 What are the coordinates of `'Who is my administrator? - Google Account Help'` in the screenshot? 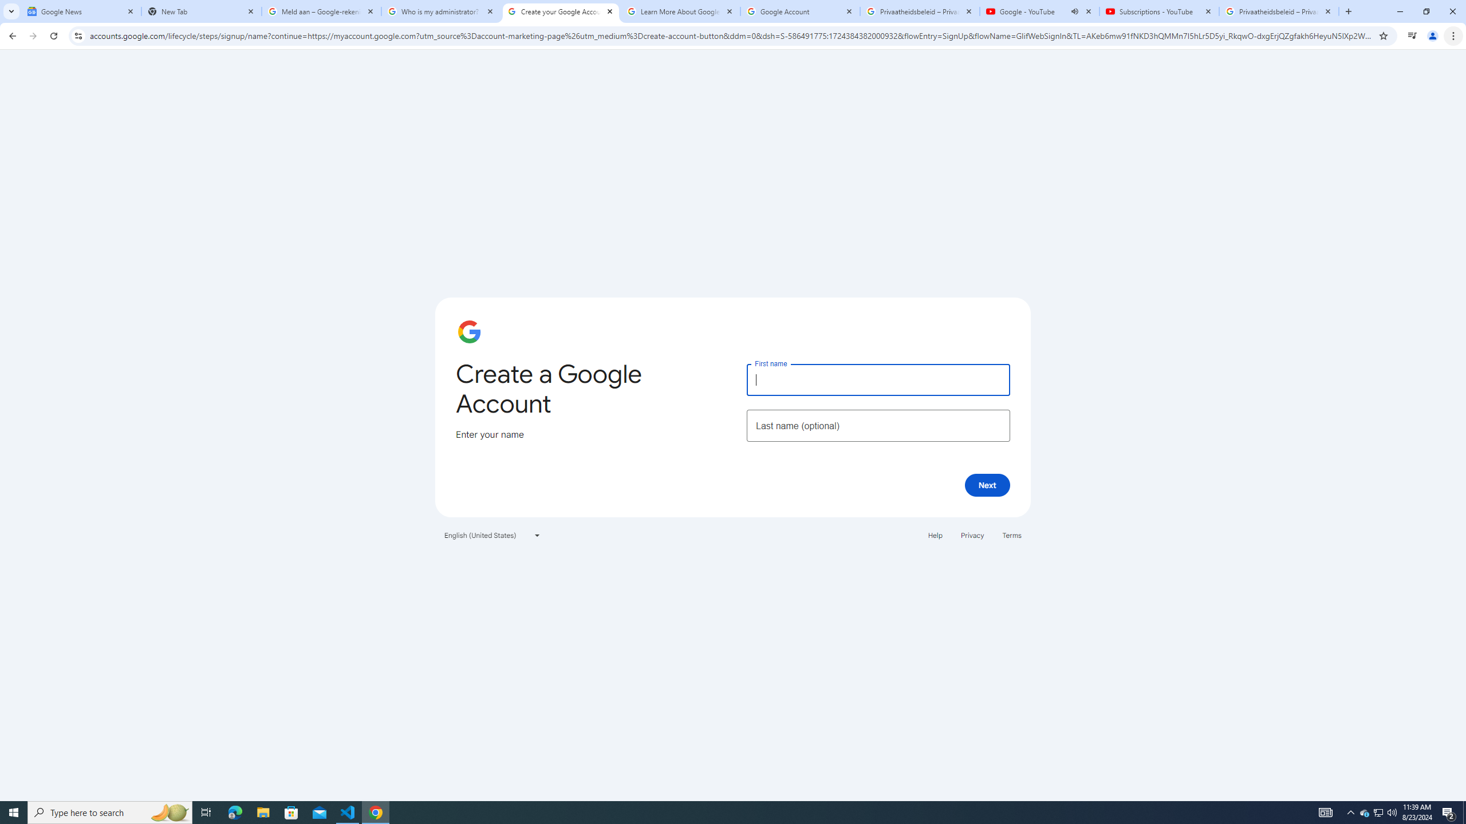 It's located at (441, 11).